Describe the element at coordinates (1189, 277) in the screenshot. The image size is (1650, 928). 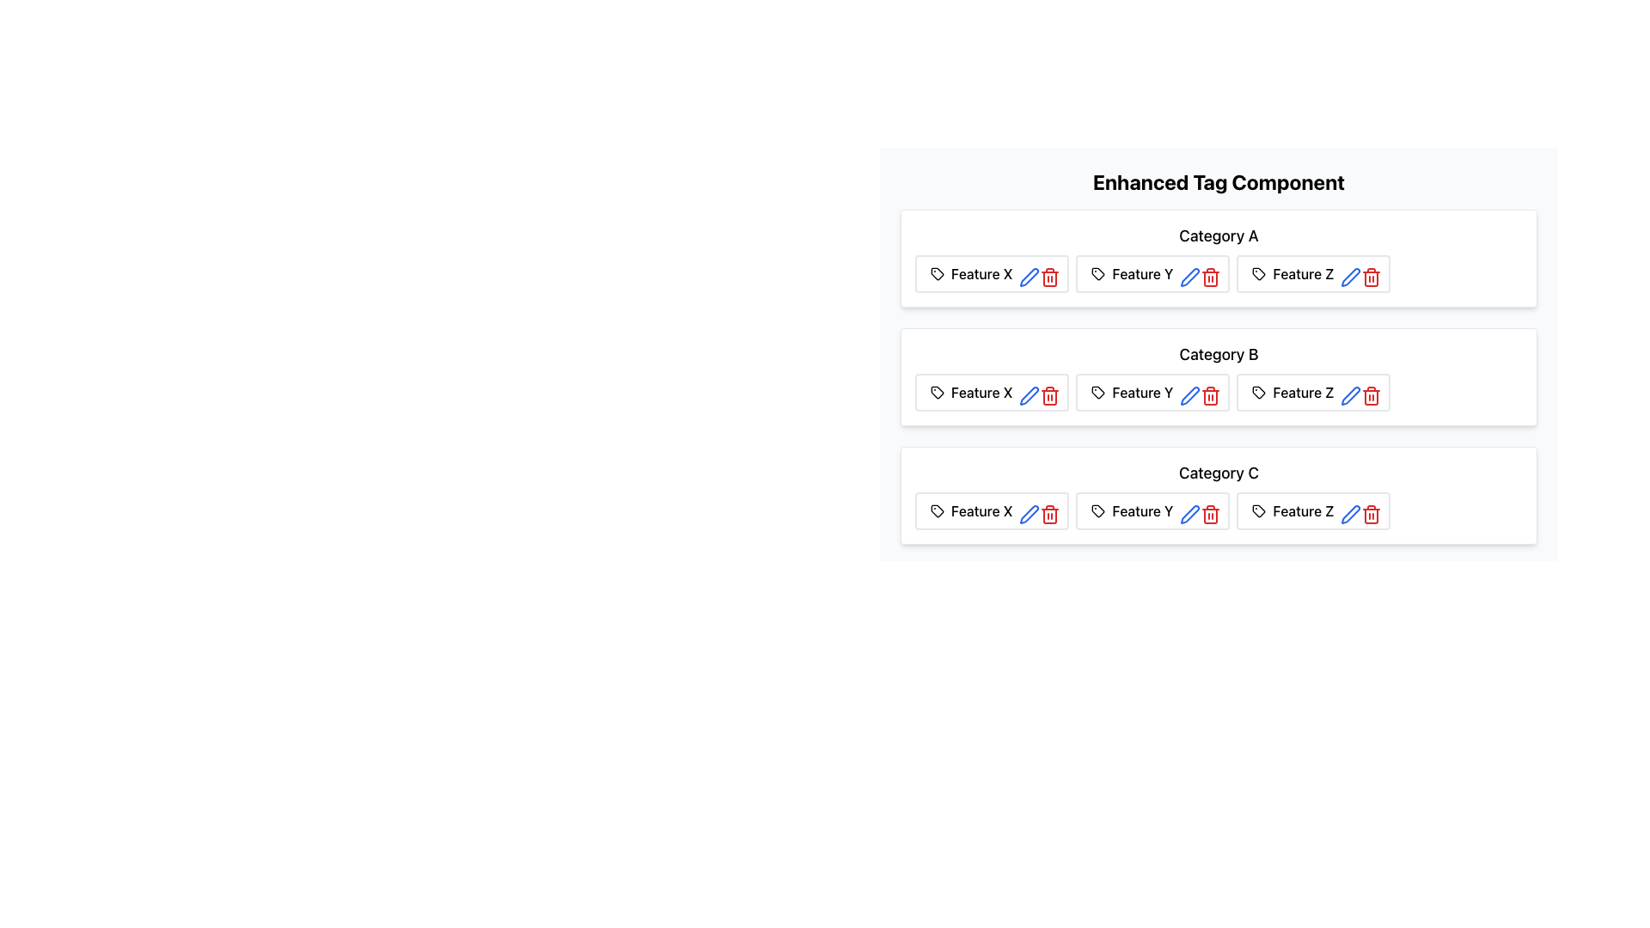
I see `the pen icon with a blue outline next to the label 'Feature Y' in the 'Category A' section of the 'Enhanced Tag Component' interface` at that location.